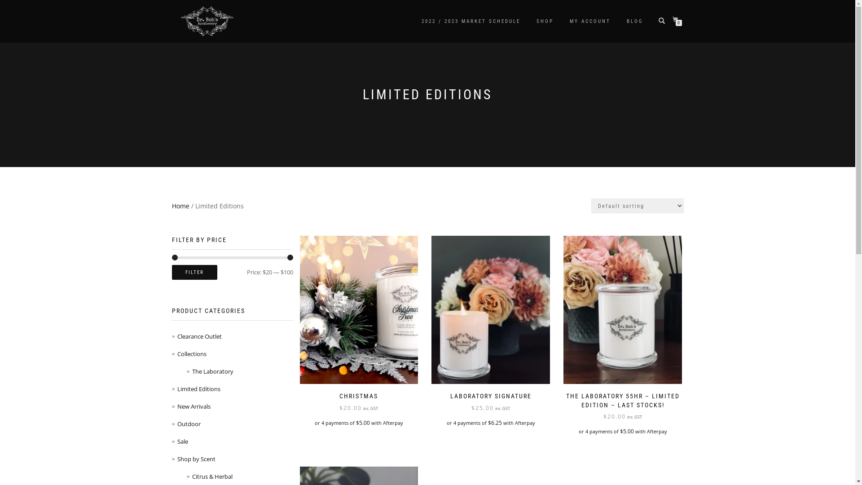 This screenshot has height=485, width=862. I want to click on '2022 / 2023 MARKET SCHEDULE', so click(414, 20).